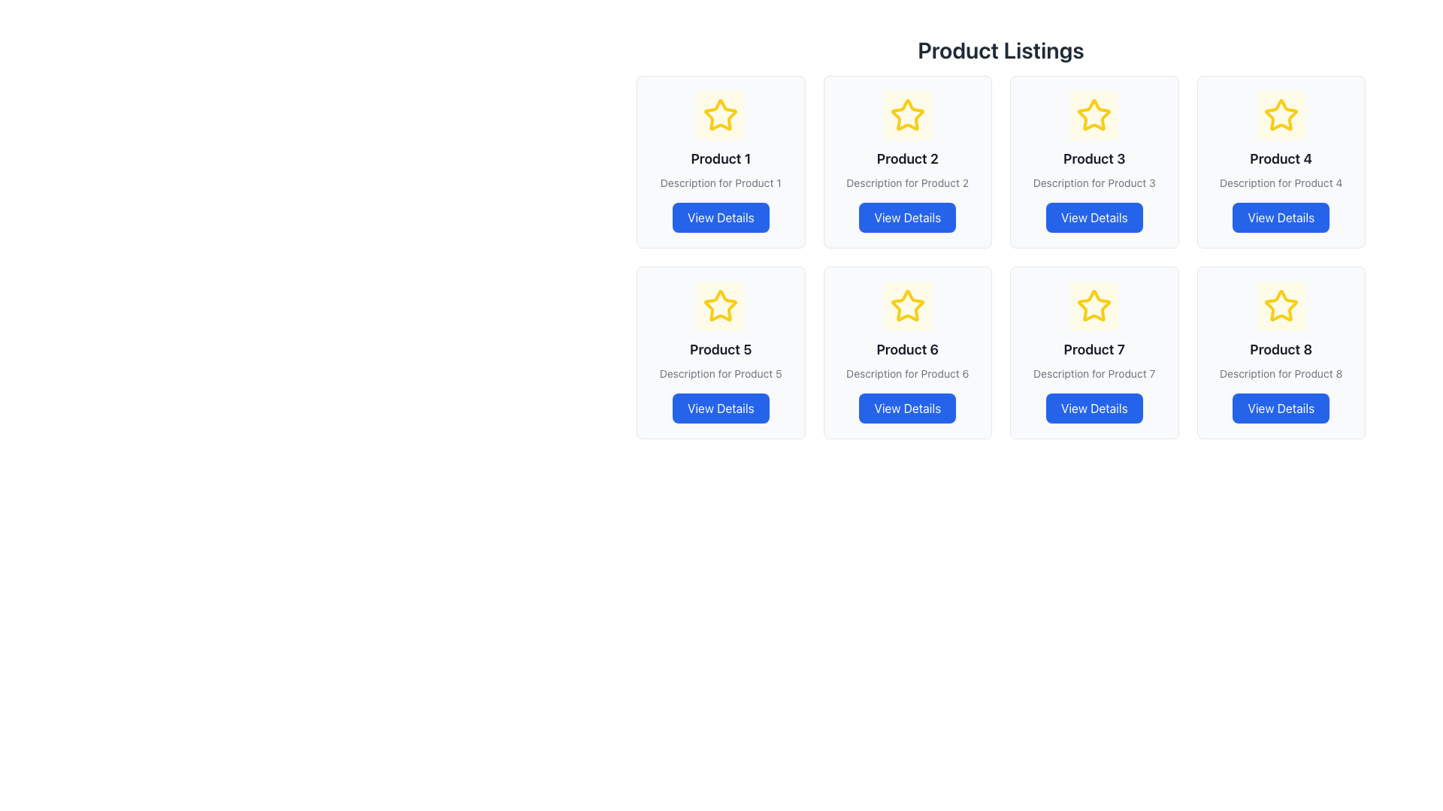  What do you see at coordinates (720, 162) in the screenshot?
I see `the first product card in the grid layout, which displays information about a product and has a button at the bottom` at bounding box center [720, 162].